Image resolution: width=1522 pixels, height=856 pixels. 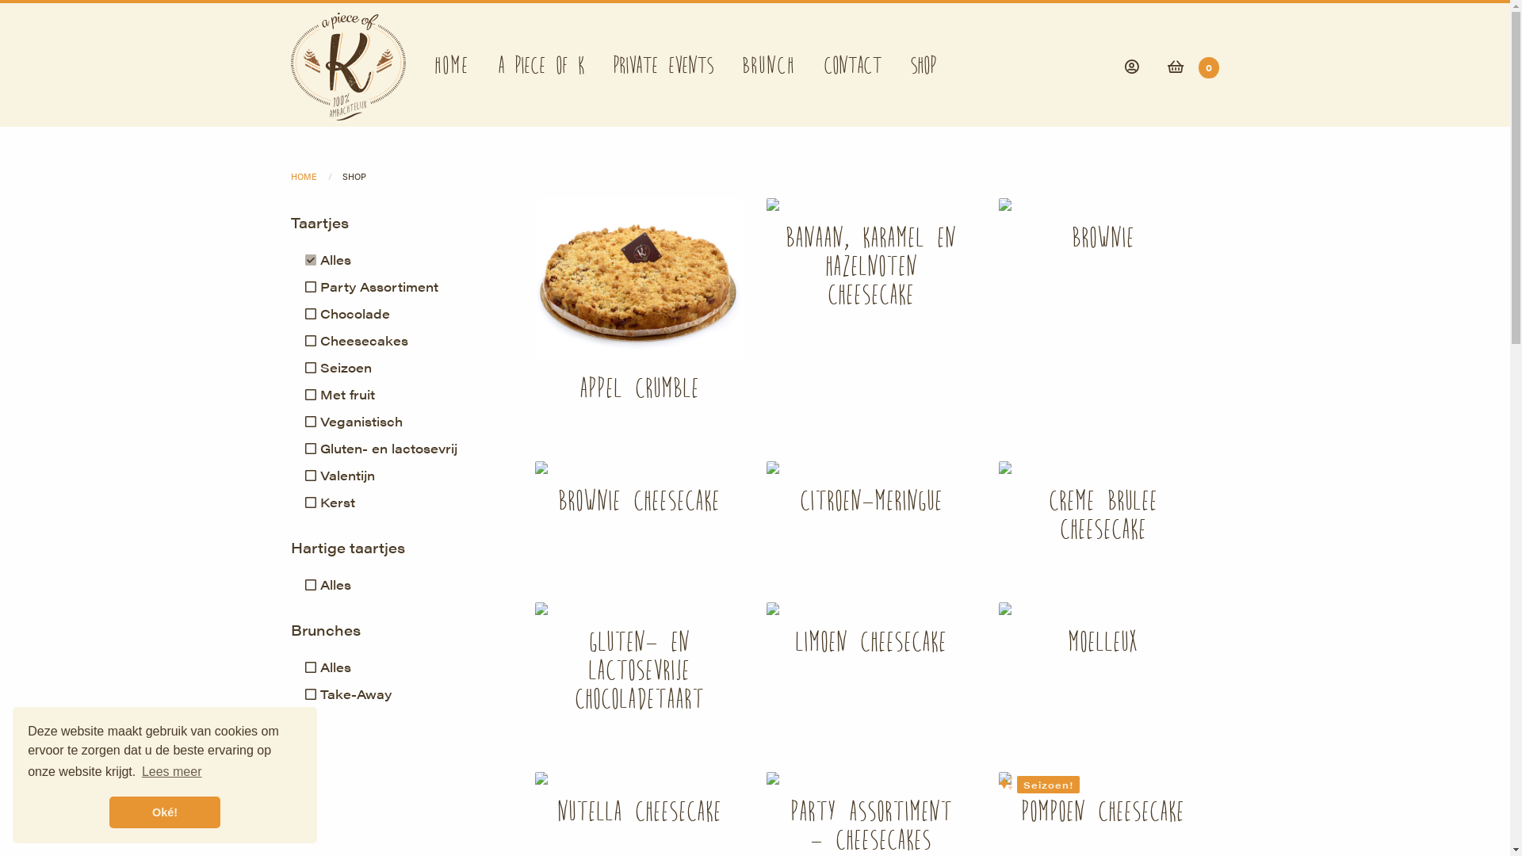 I want to click on 'Moelleux', so click(x=997, y=636).